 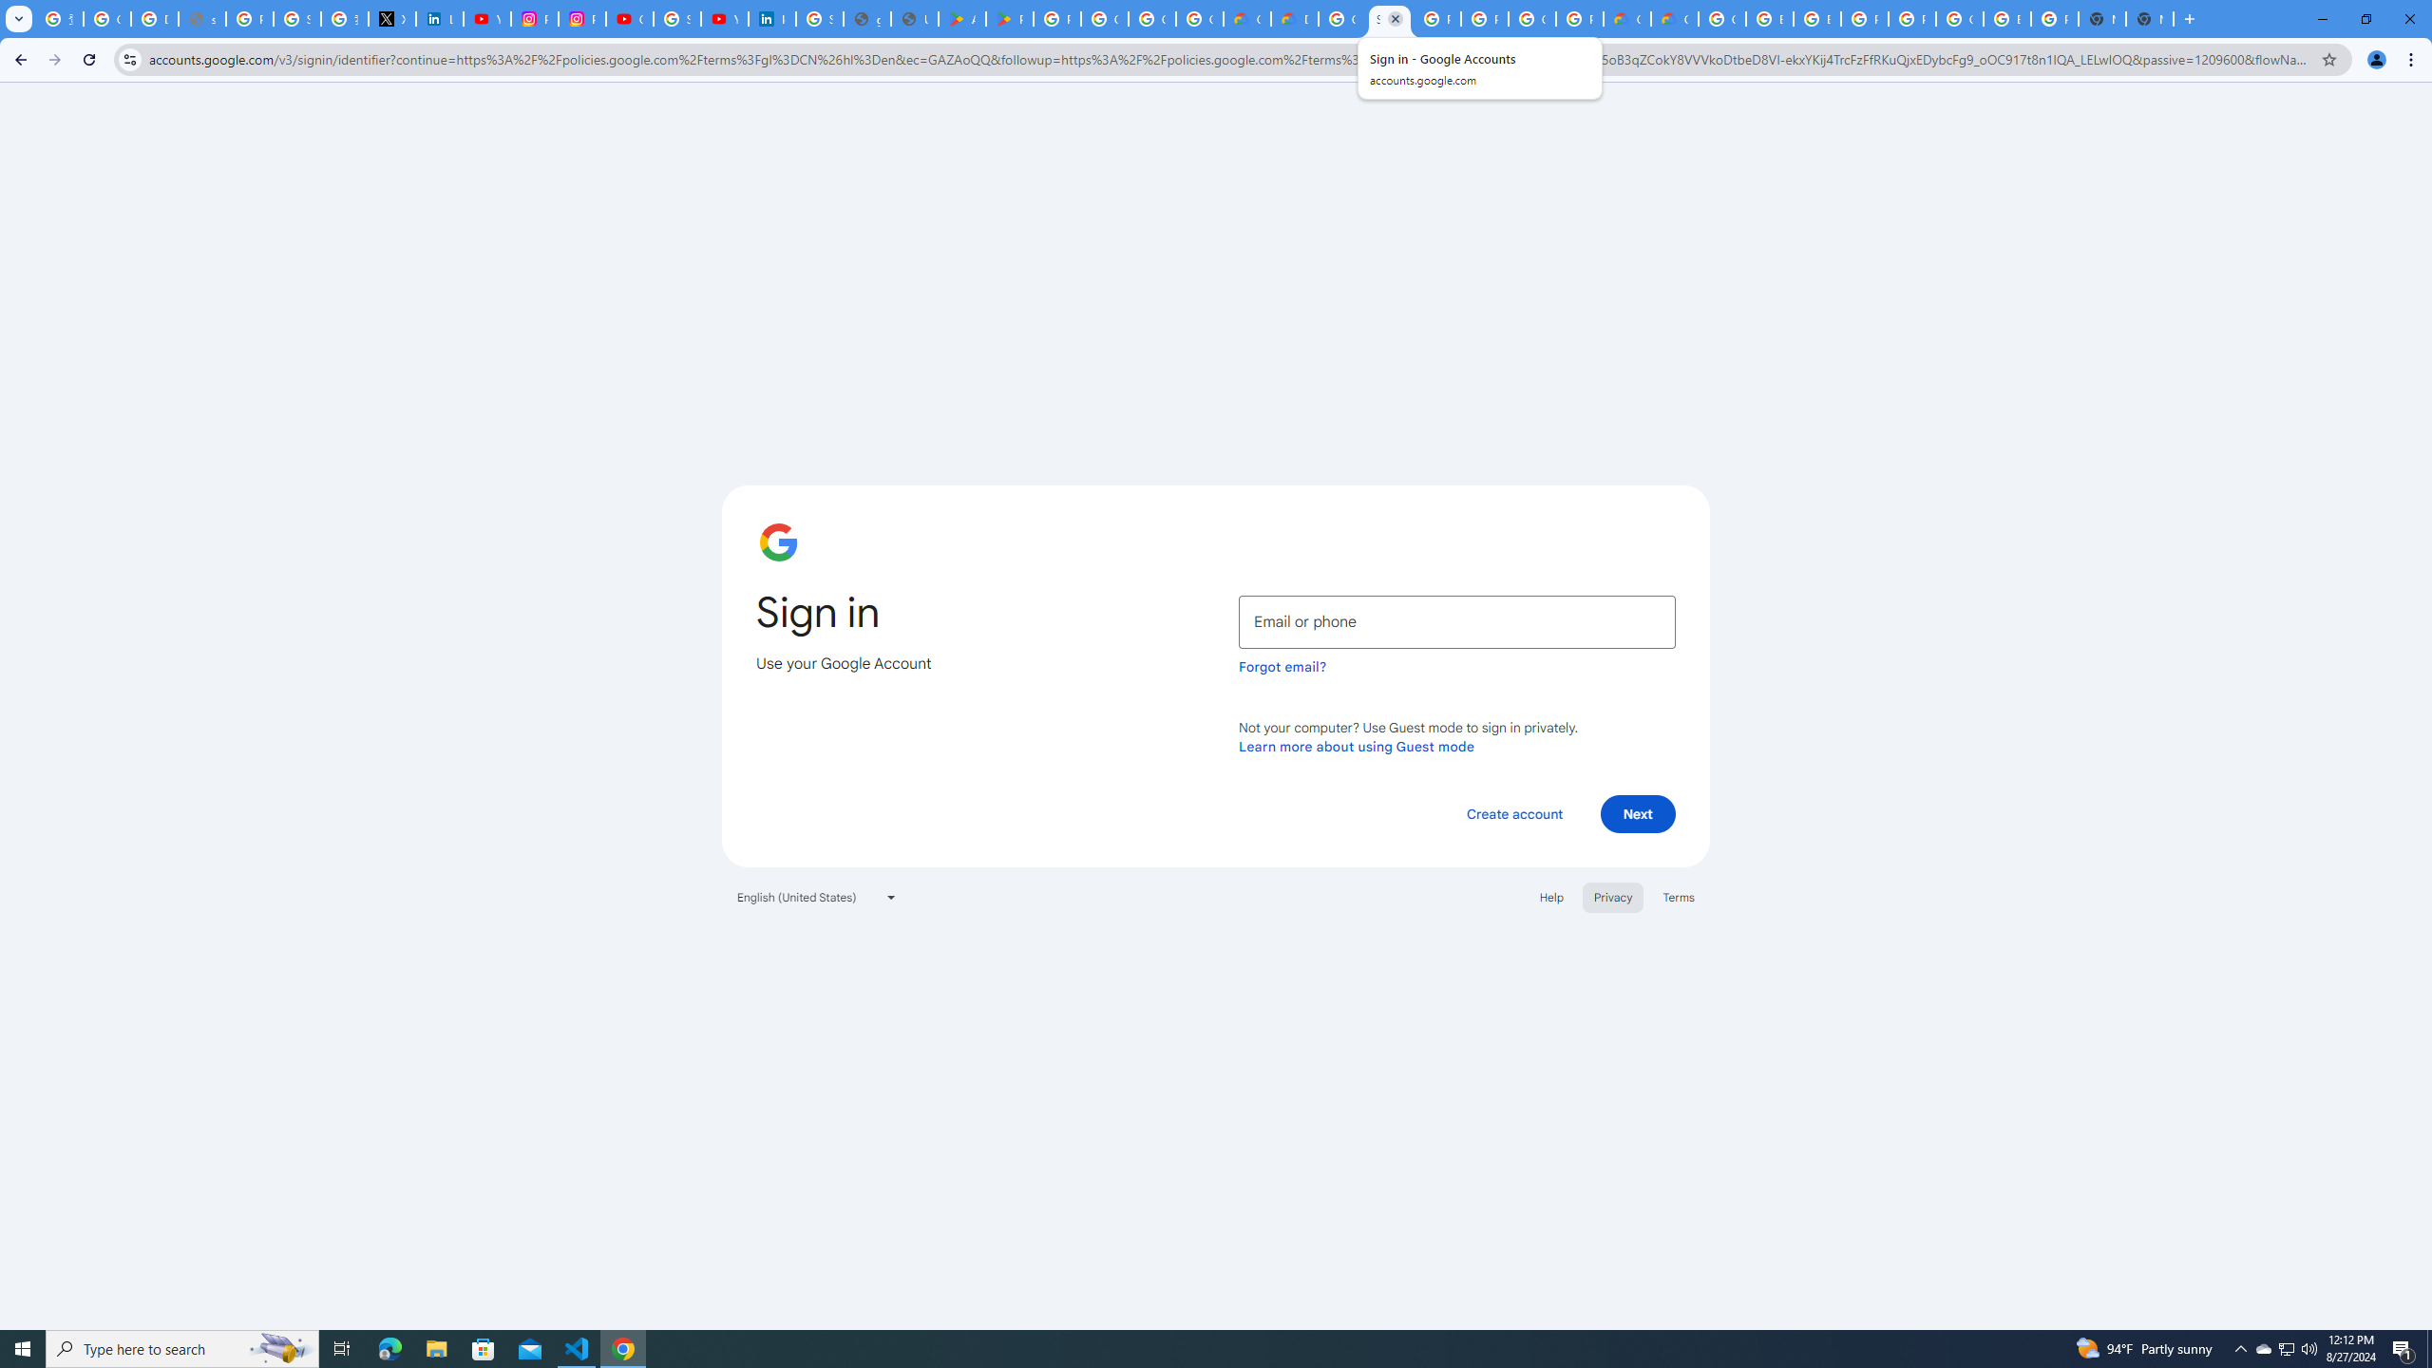 What do you see at coordinates (1720, 18) in the screenshot?
I see `'Google Cloud Platform'` at bounding box center [1720, 18].